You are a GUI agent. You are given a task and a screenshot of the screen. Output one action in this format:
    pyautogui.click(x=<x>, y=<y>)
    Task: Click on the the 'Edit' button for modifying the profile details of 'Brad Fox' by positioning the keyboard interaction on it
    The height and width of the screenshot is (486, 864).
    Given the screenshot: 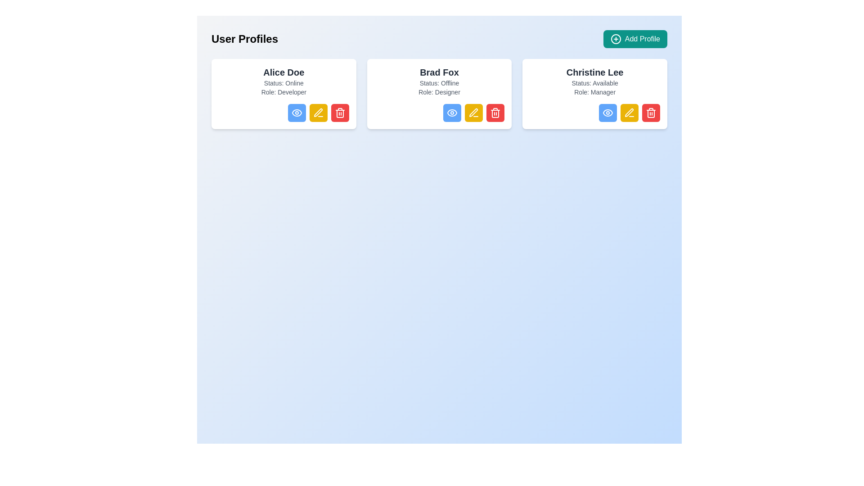 What is the action you would take?
    pyautogui.click(x=473, y=112)
    